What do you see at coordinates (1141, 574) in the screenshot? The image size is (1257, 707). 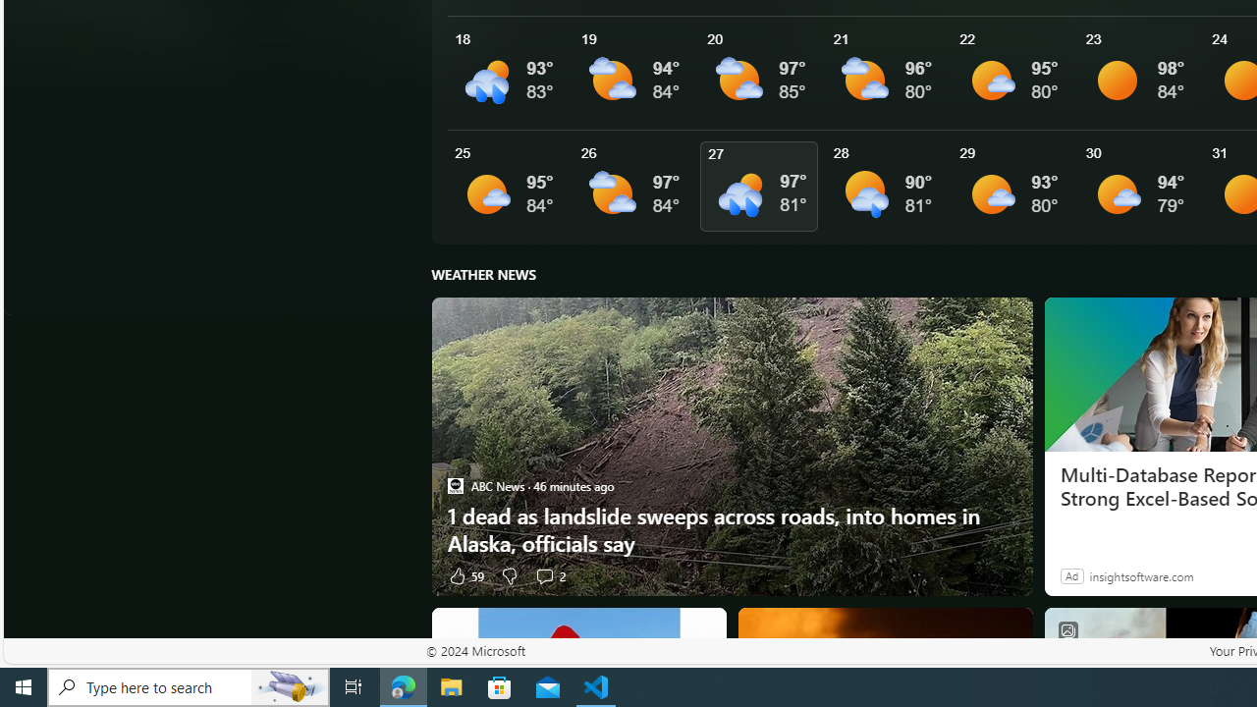 I see `'insightsoftware.com'` at bounding box center [1141, 574].